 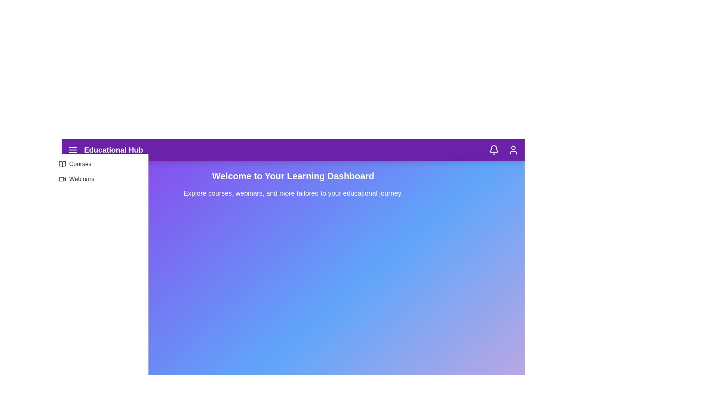 What do you see at coordinates (100, 164) in the screenshot?
I see `the 'Courses' link in the sidebar to navigate to the 'Courses' section` at bounding box center [100, 164].